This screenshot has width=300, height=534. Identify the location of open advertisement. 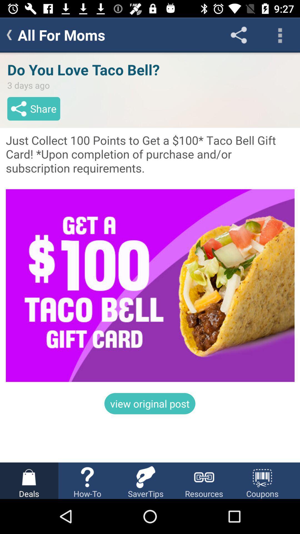
(150, 257).